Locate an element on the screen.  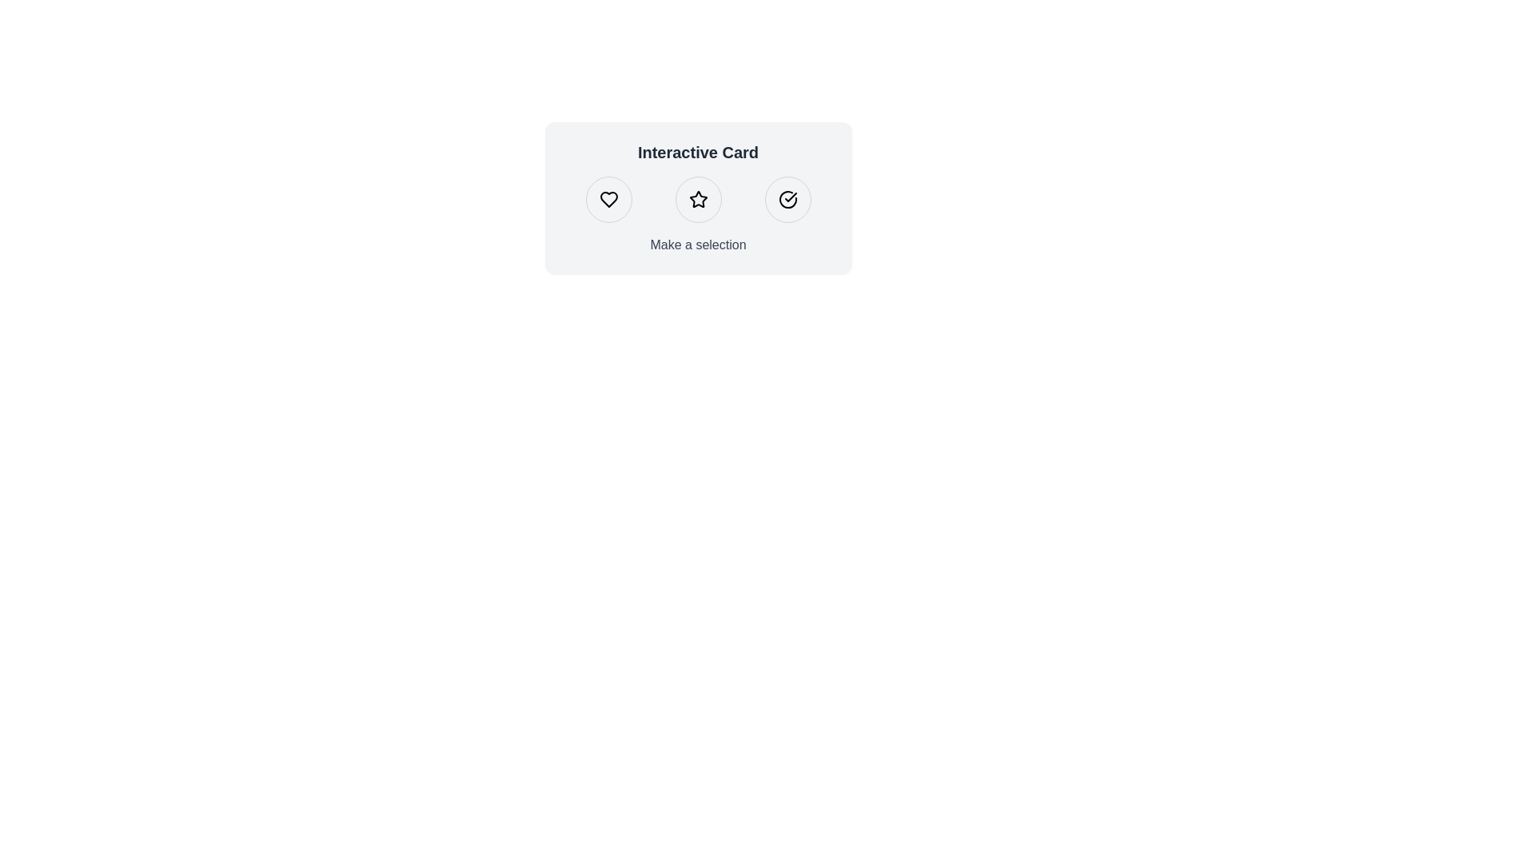
the leftmost heart icon button within the Interactive Card is located at coordinates (608, 199).